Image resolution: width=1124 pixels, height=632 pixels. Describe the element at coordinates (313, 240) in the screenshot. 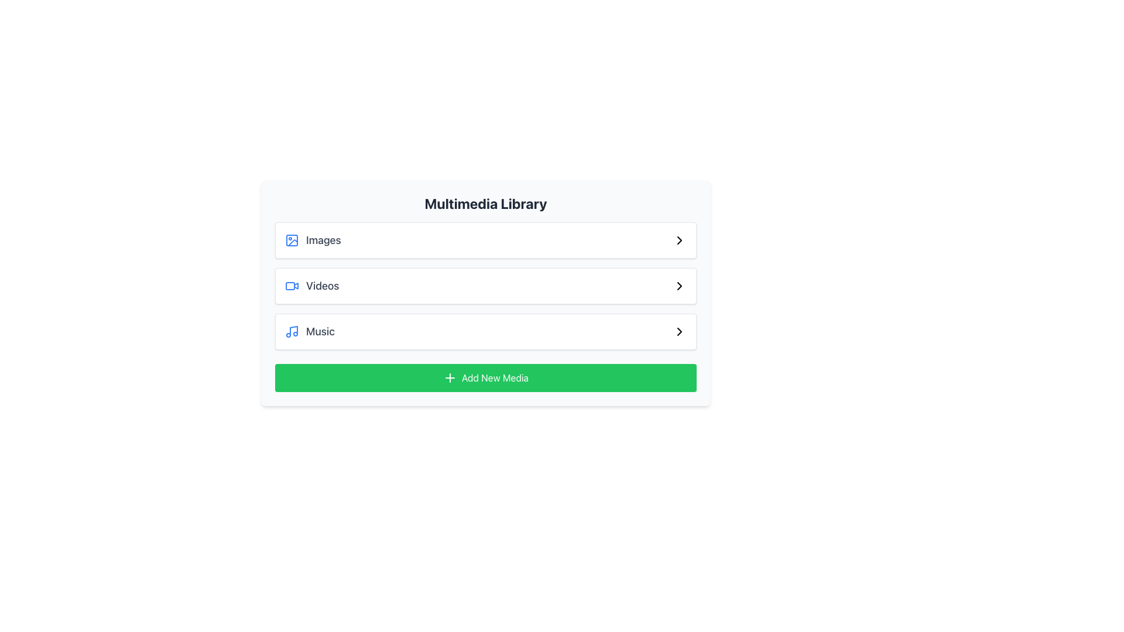

I see `the 'Images' menu item, which is the first option in the 'Multimedia Library' box` at that location.